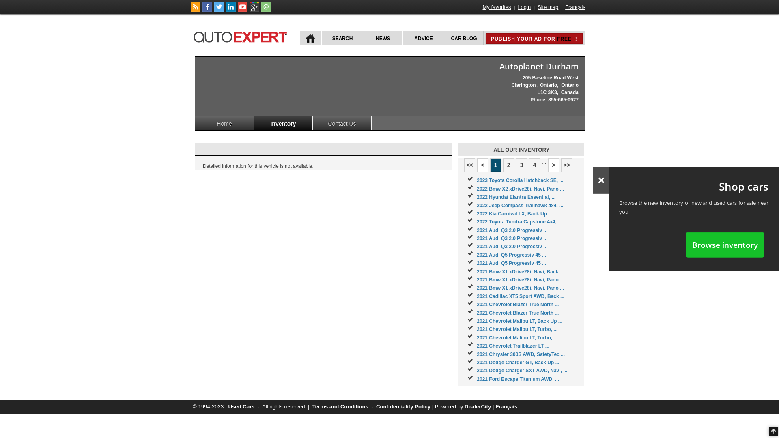 The width and height of the screenshot is (779, 438). I want to click on '2022 Bmw X2 xDrive28i, Navi, Pano ...', so click(520, 189).